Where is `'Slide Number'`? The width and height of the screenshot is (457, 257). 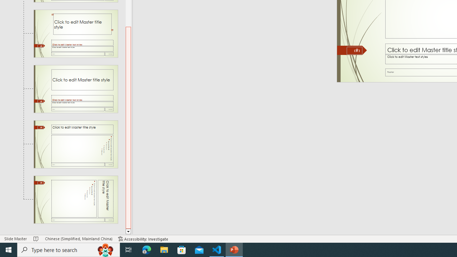 'Slide Number' is located at coordinates (355, 50).